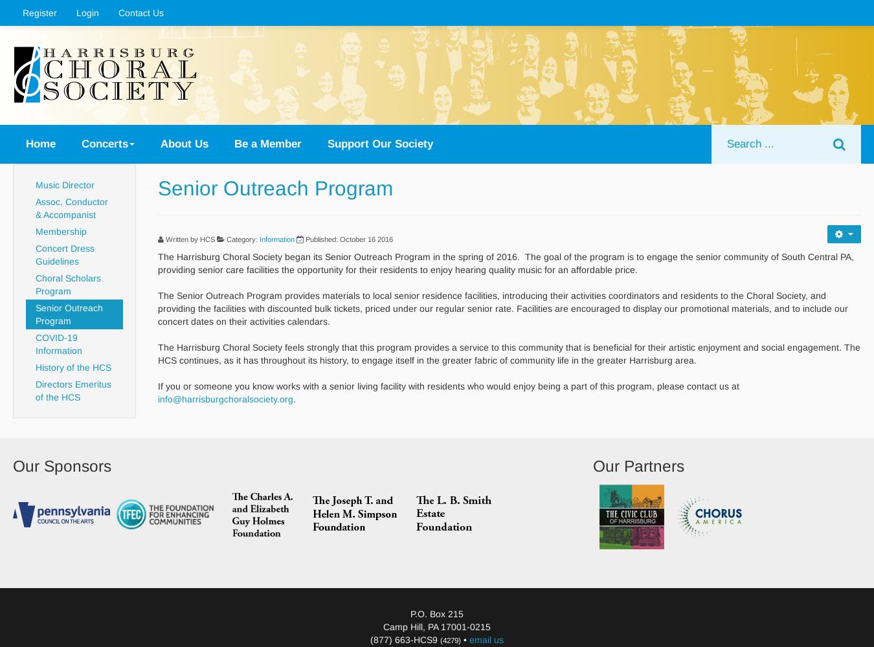 The image size is (874, 647). I want to click on '(877) 663-HCS9', so click(405, 639).